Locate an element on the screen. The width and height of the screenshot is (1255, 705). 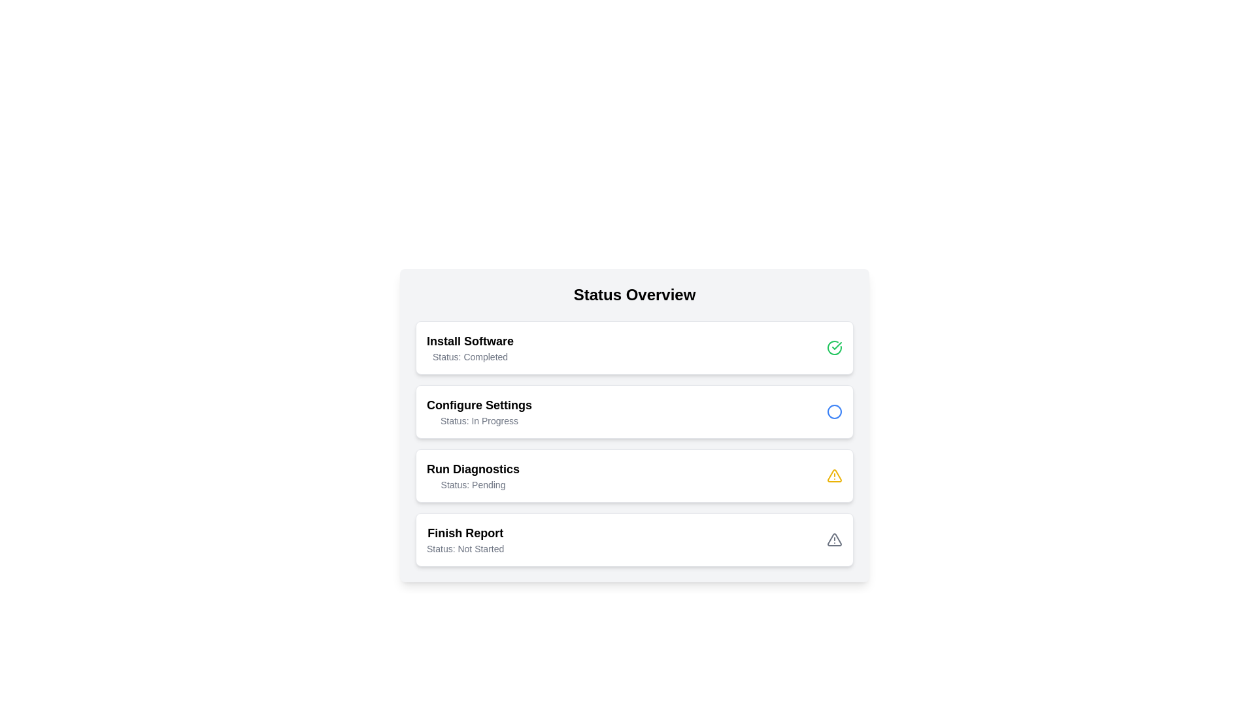
text content of the status Text label located below the 'Configure Settings' title in the interface is located at coordinates (478, 420).